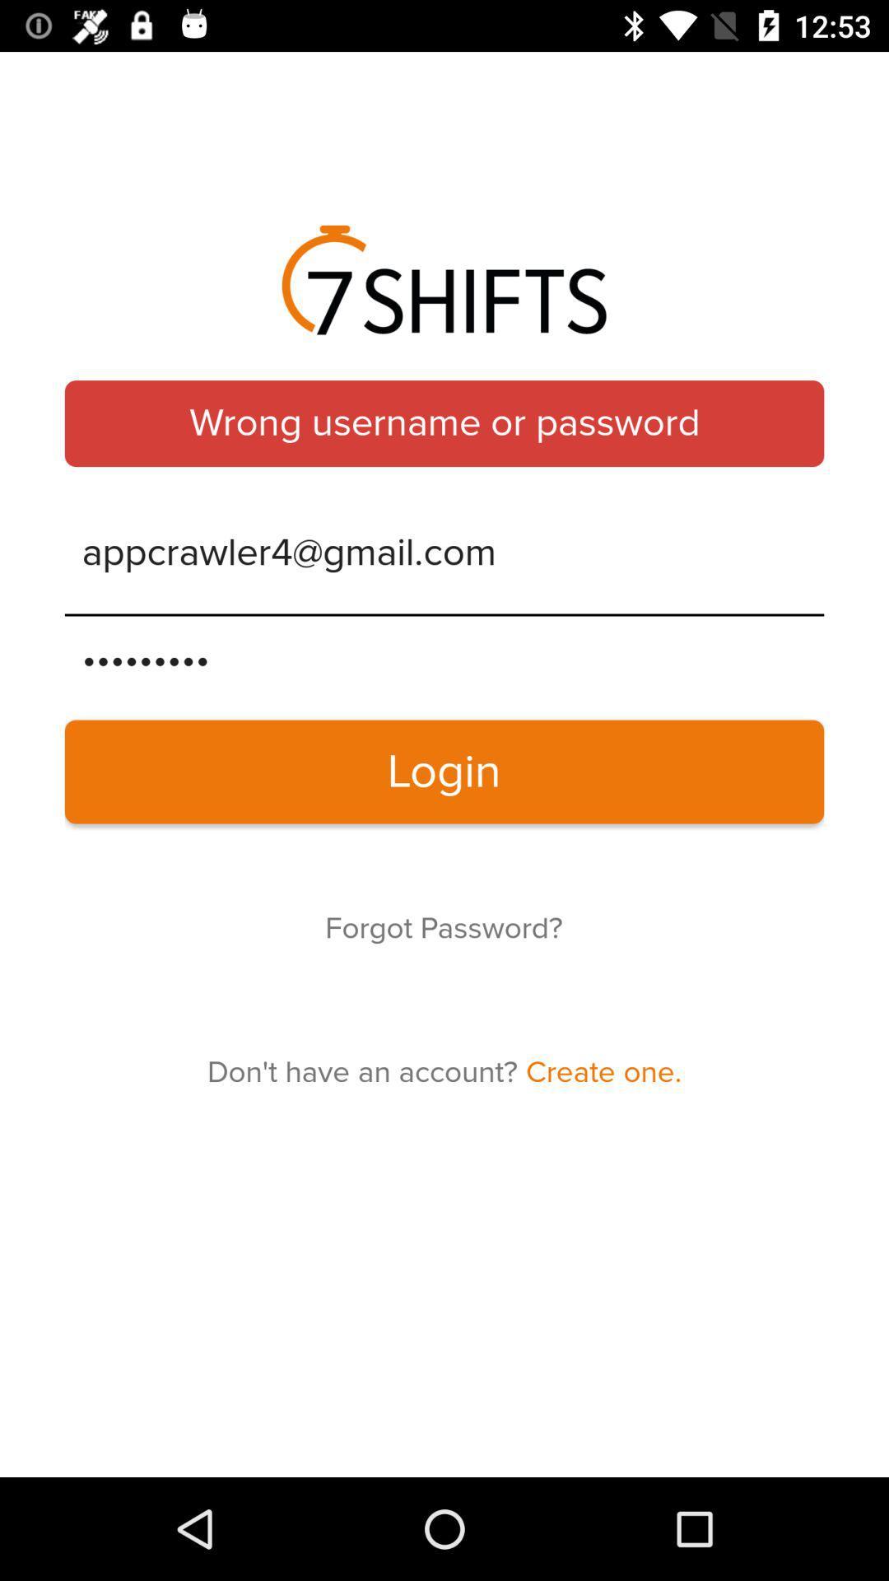 Image resolution: width=889 pixels, height=1581 pixels. Describe the element at coordinates (443, 929) in the screenshot. I see `forgot password? item` at that location.